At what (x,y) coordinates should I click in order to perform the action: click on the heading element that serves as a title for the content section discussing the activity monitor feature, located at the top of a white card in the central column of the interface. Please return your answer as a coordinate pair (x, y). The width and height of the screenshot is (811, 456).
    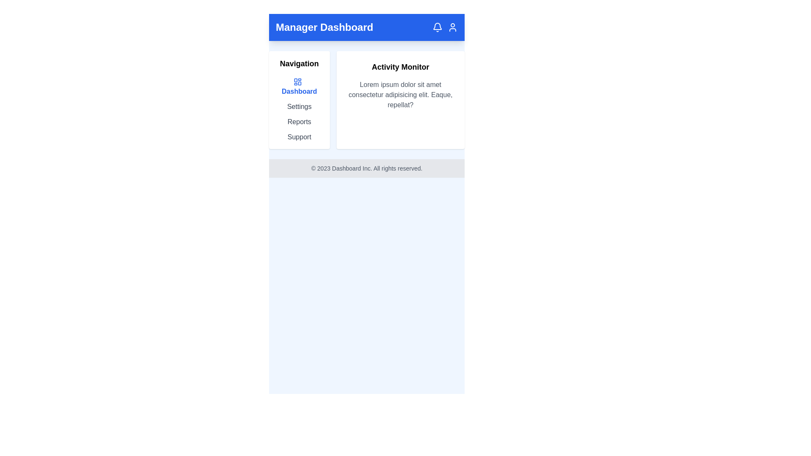
    Looking at the image, I should click on (400, 66).